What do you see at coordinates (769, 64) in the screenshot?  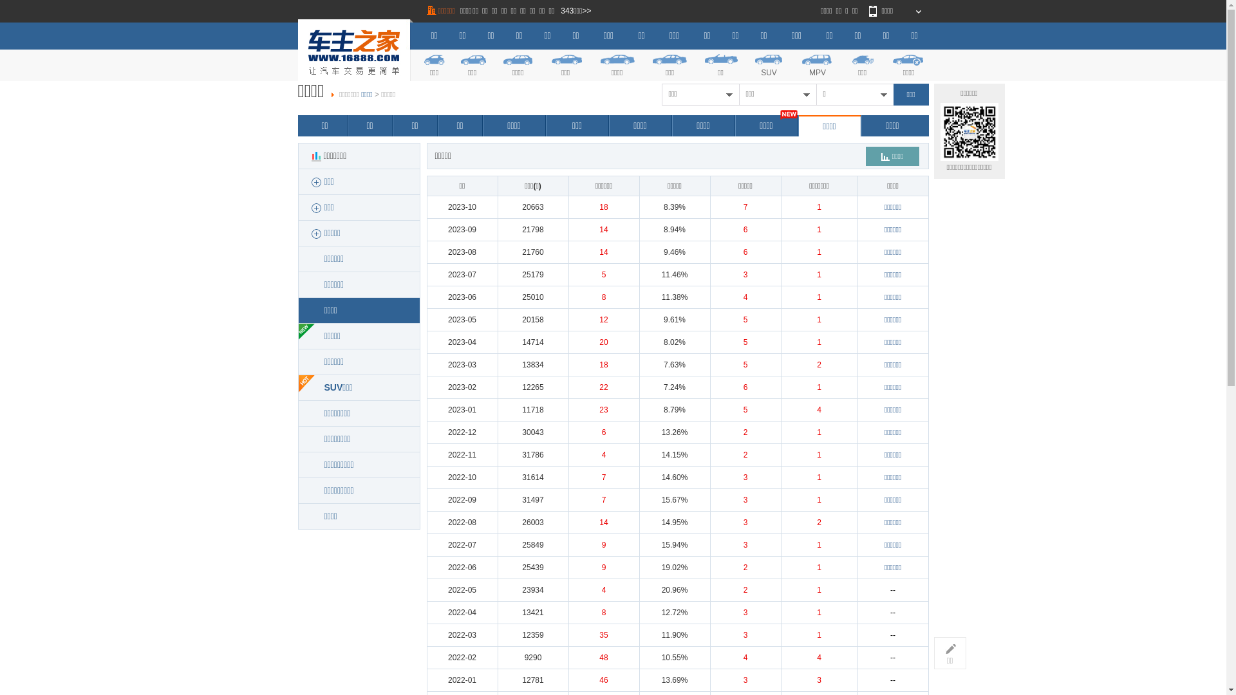 I see `'SUV'` at bounding box center [769, 64].